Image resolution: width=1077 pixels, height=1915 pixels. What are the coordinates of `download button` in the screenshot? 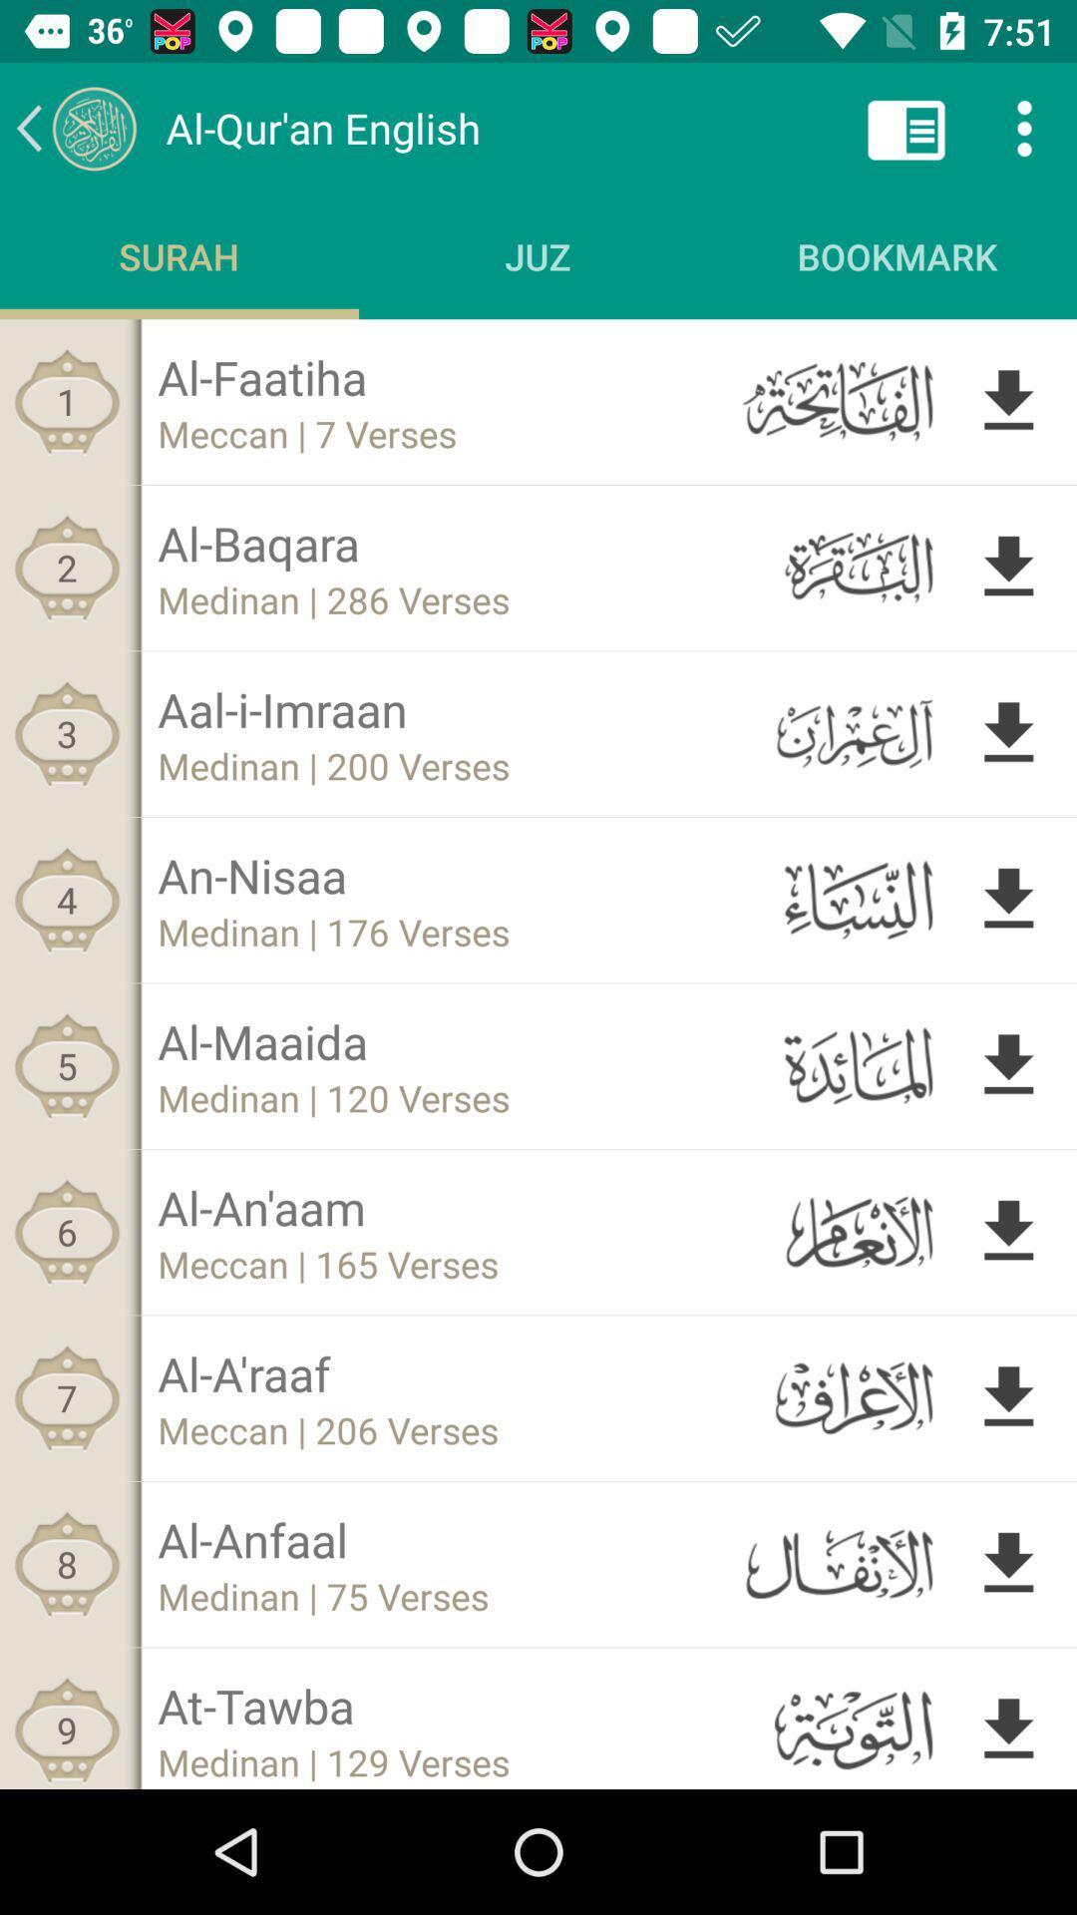 It's located at (1008, 567).